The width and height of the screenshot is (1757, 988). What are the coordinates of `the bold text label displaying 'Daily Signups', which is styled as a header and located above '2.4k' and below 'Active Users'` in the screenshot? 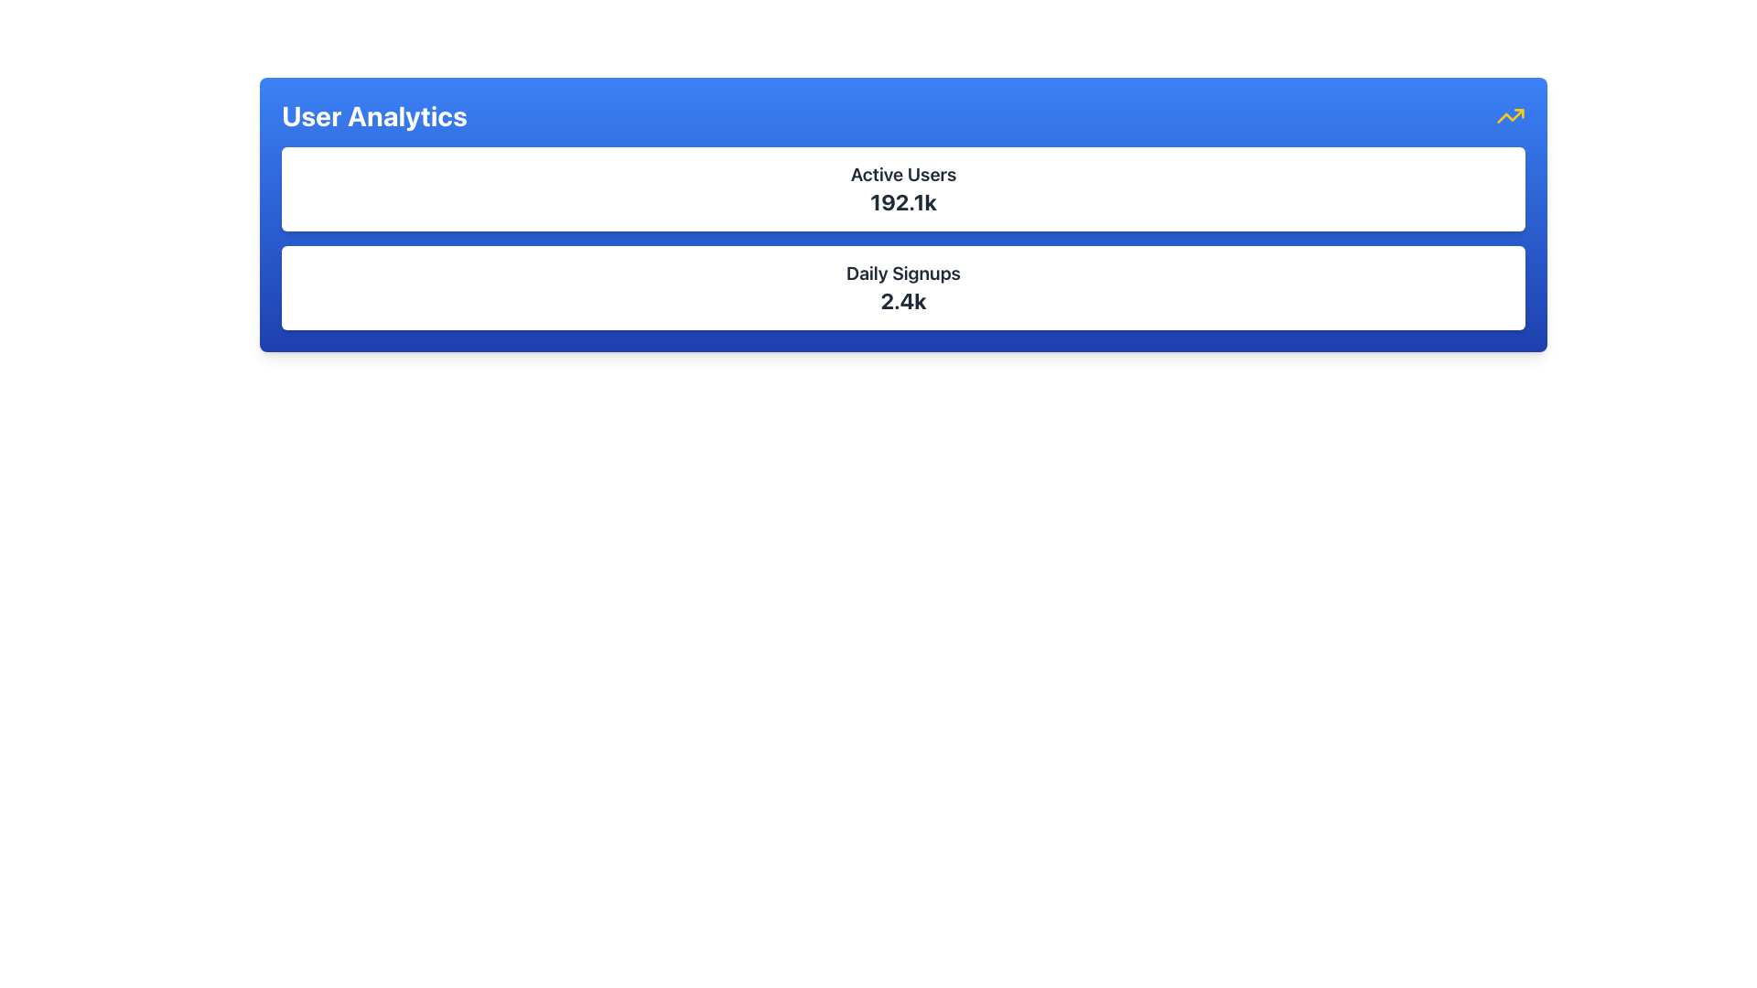 It's located at (903, 274).